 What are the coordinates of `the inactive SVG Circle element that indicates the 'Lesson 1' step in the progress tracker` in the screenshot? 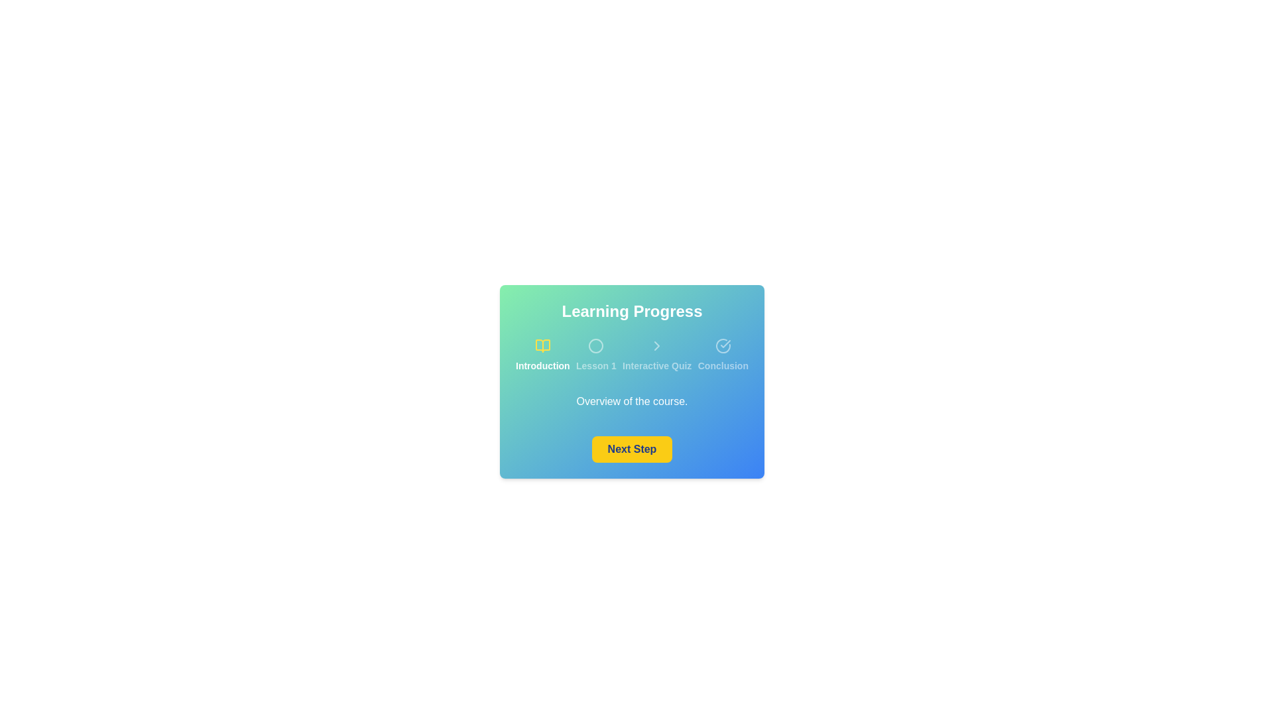 It's located at (595, 345).